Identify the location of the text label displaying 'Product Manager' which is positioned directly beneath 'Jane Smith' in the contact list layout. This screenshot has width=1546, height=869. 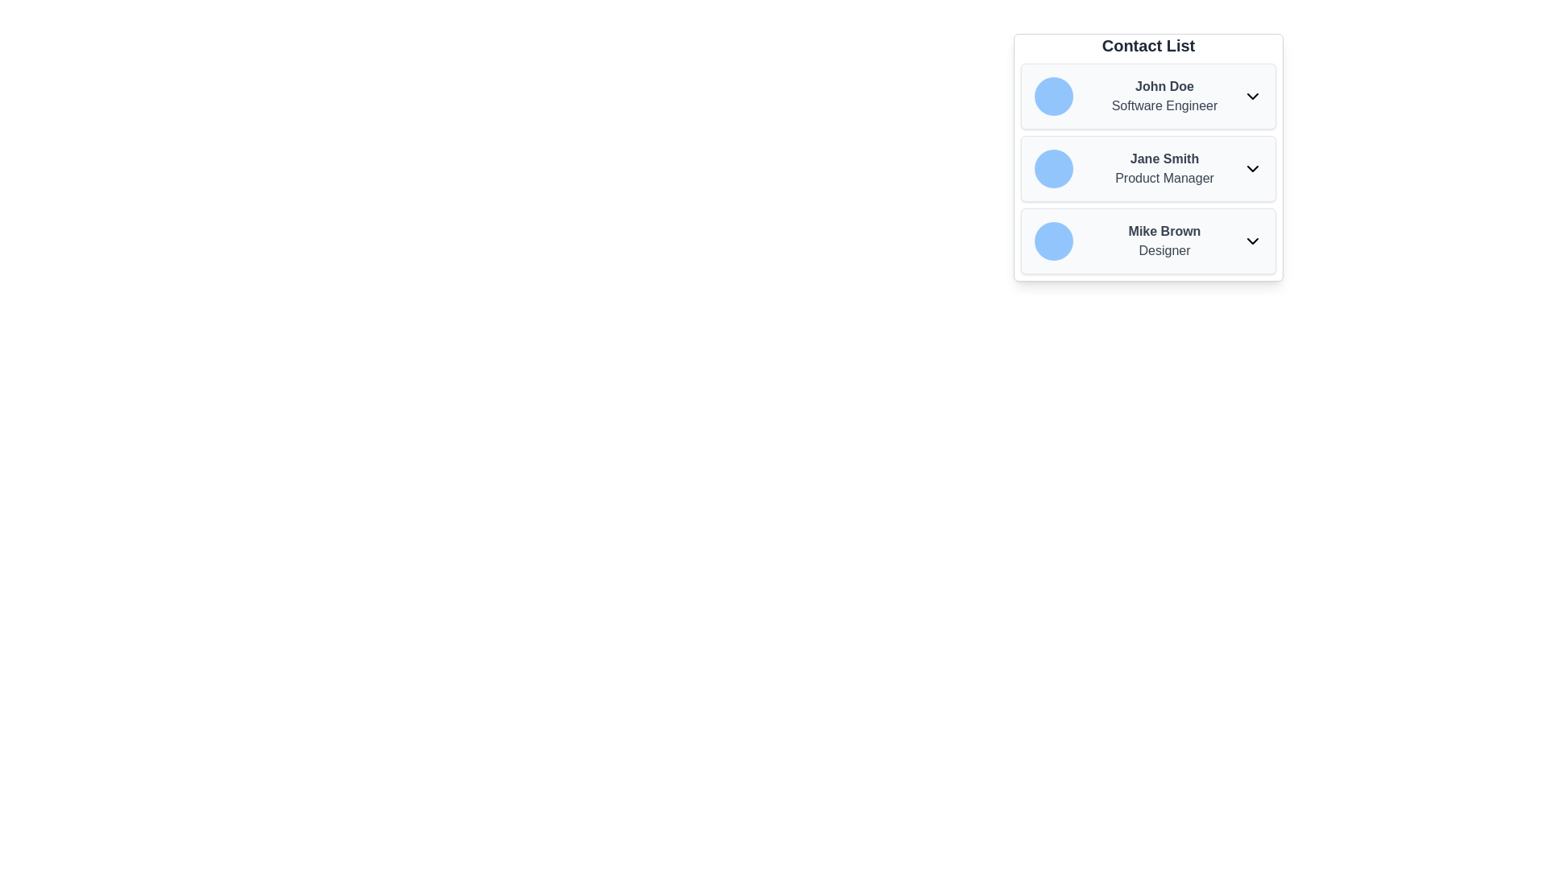
(1164, 179).